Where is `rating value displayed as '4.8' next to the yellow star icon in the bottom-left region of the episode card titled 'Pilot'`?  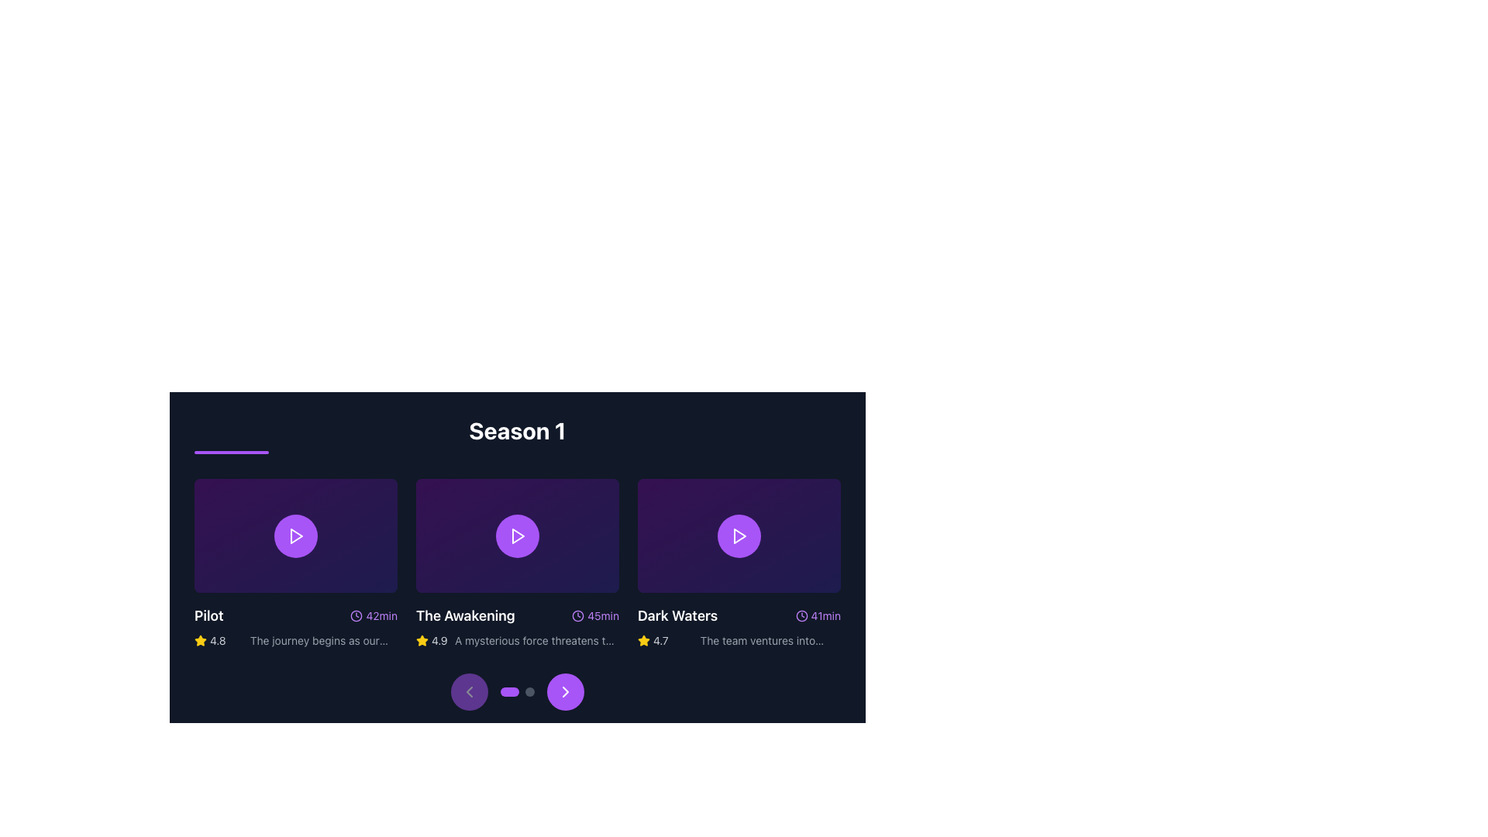
rating value displayed as '4.8' next to the yellow star icon in the bottom-left region of the episode card titled 'Pilot' is located at coordinates (209, 641).